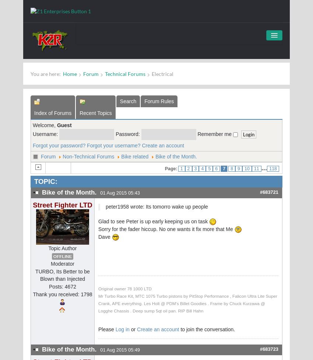 This screenshot has width=313, height=360. I want to click on 'Original owner 78 1000 LTD', so click(98, 289).